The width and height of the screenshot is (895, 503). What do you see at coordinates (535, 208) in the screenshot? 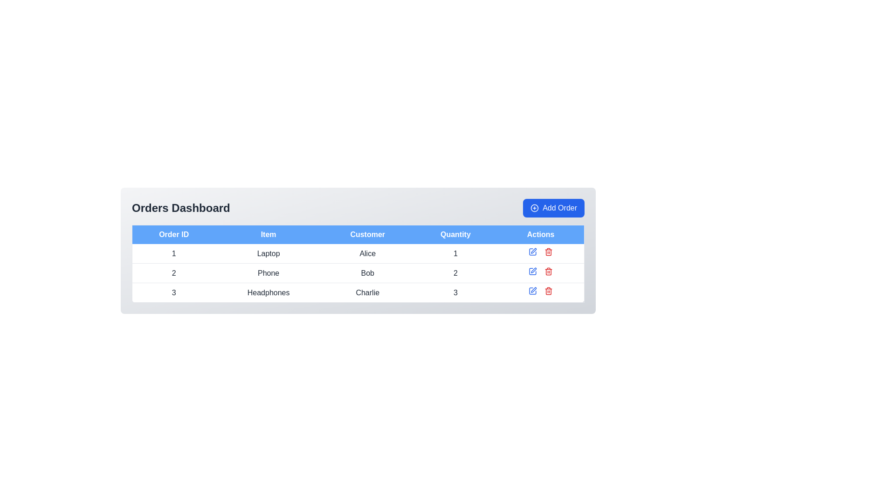
I see `the 'Add Order' button which features a thin circular outline as part of the plus icon located at the top-right corner of the dashboard interface` at bounding box center [535, 208].